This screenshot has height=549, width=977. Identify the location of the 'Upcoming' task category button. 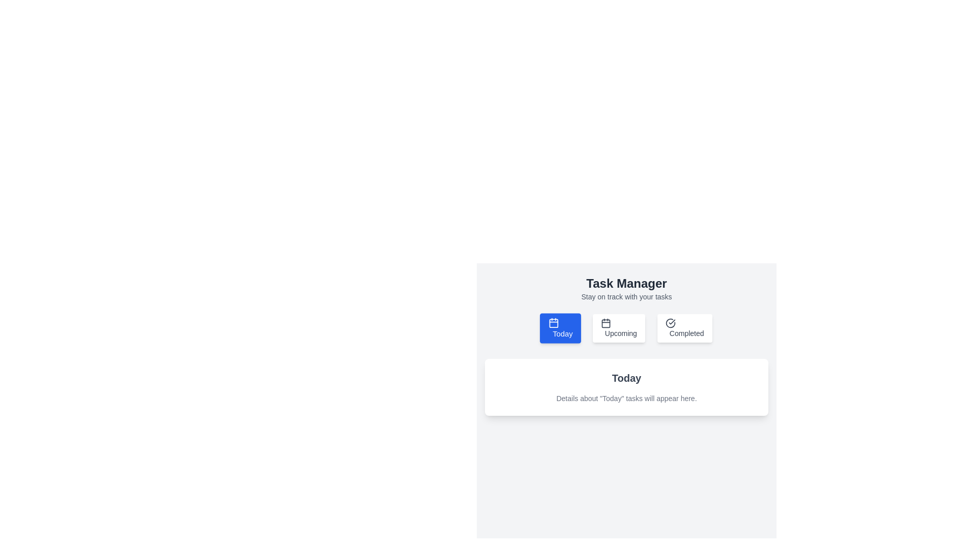
(618, 328).